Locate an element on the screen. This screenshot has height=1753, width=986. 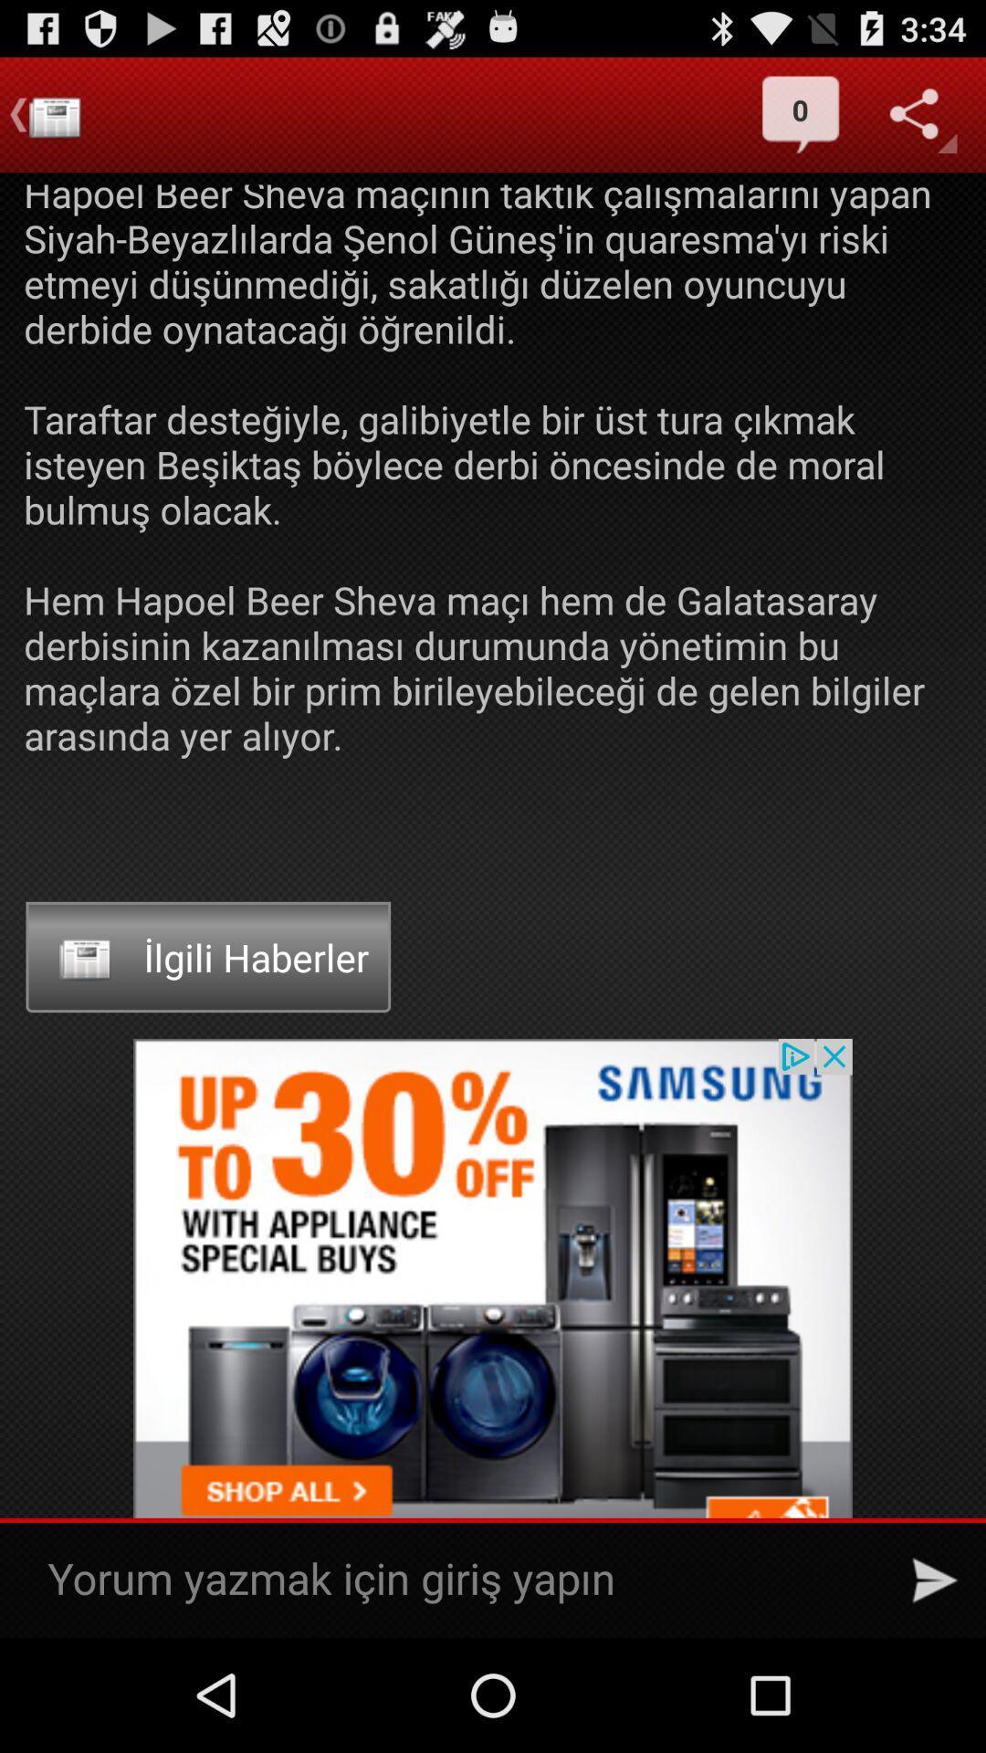
send message is located at coordinates (935, 1580).